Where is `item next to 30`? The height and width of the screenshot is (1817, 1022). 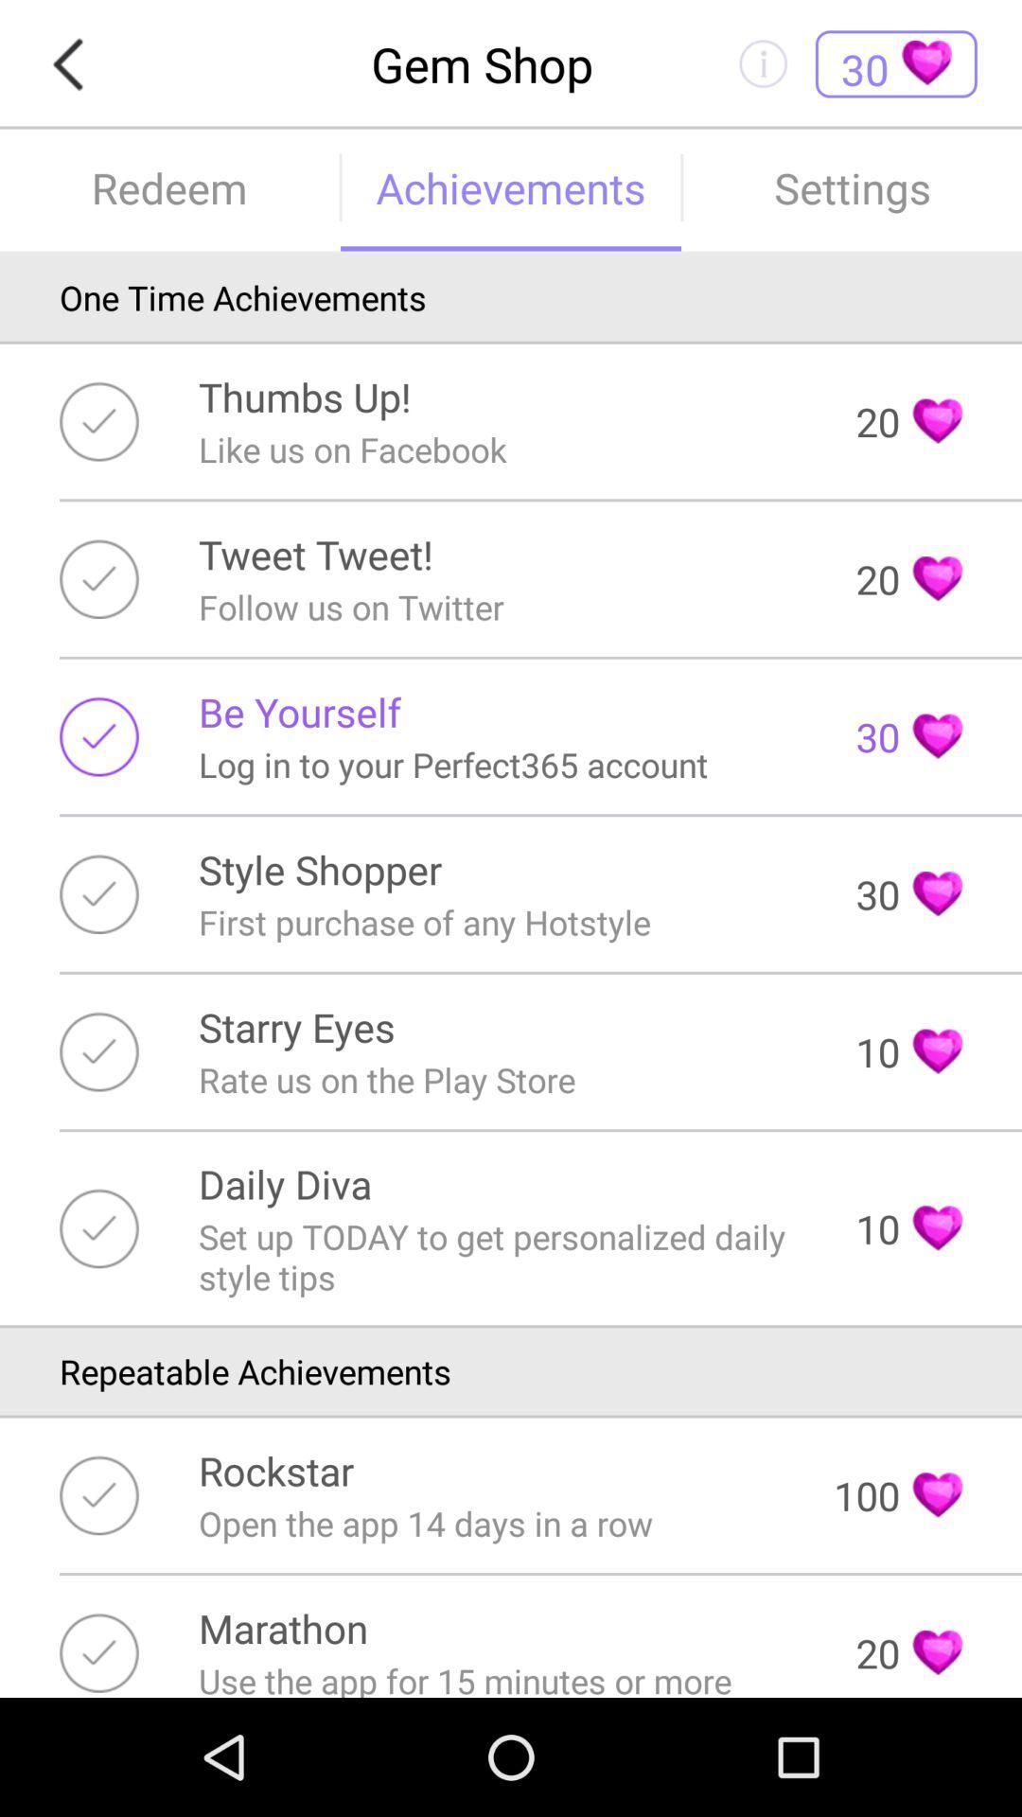 item next to 30 is located at coordinates (298, 711).